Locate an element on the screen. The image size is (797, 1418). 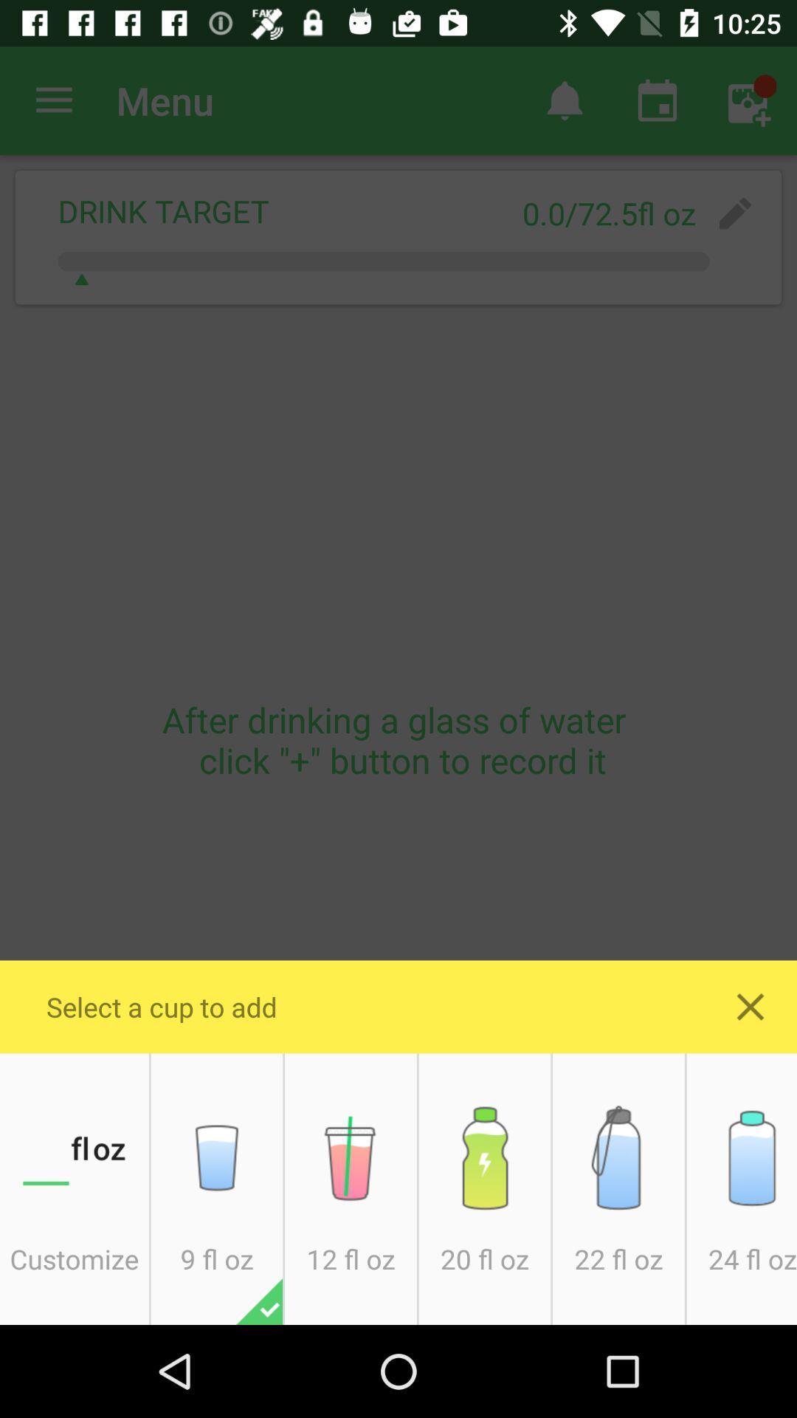
icon next to the select a cup item is located at coordinates (751, 1006).